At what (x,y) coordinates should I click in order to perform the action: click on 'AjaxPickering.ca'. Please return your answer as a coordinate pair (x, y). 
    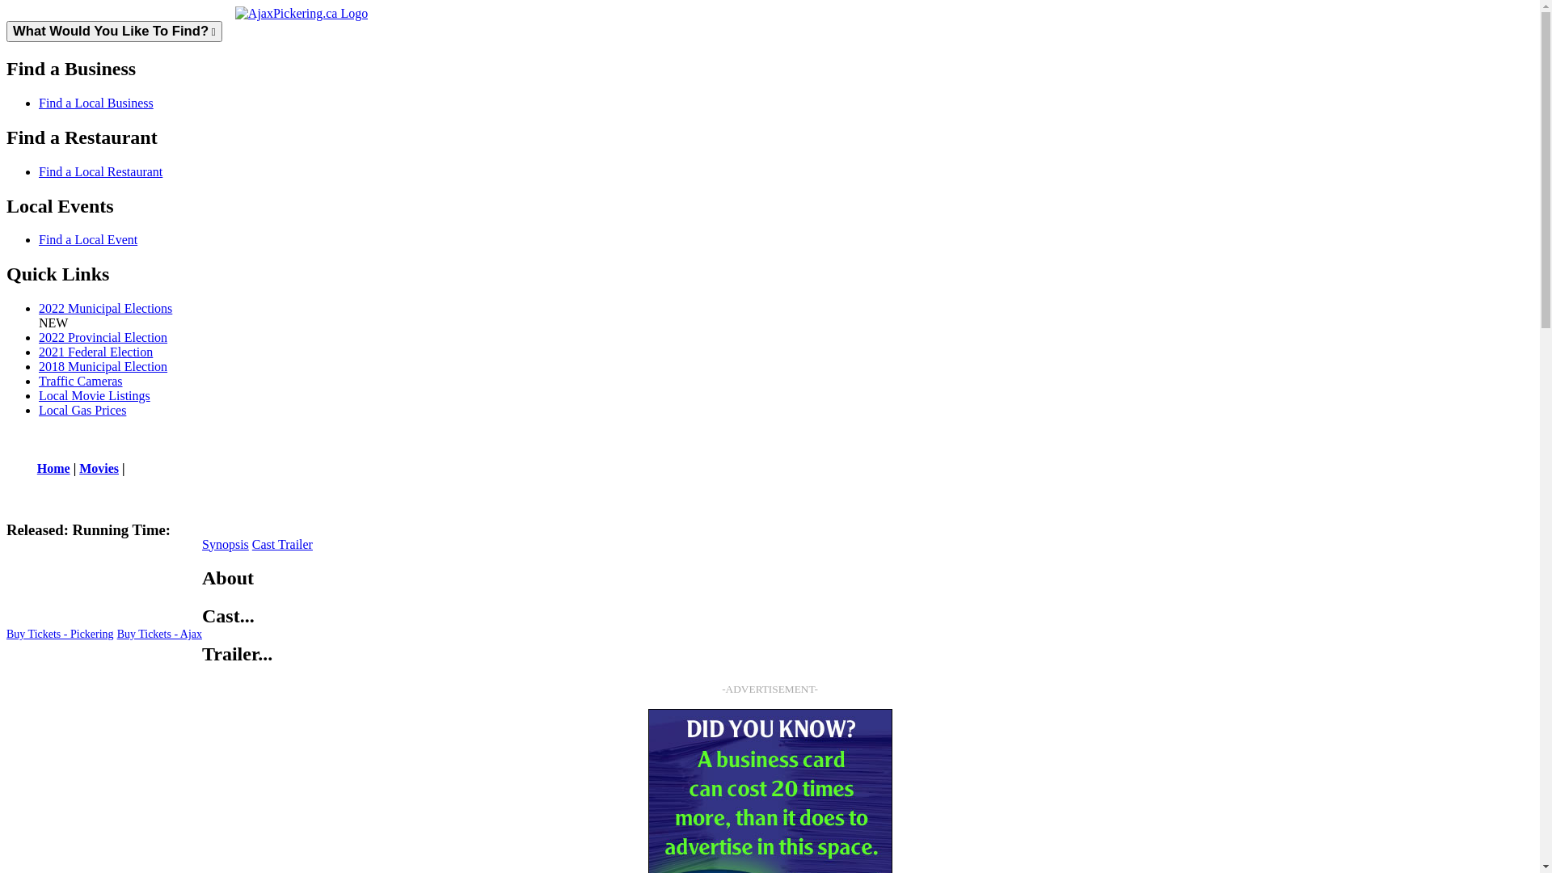
    Looking at the image, I should click on (234, 13).